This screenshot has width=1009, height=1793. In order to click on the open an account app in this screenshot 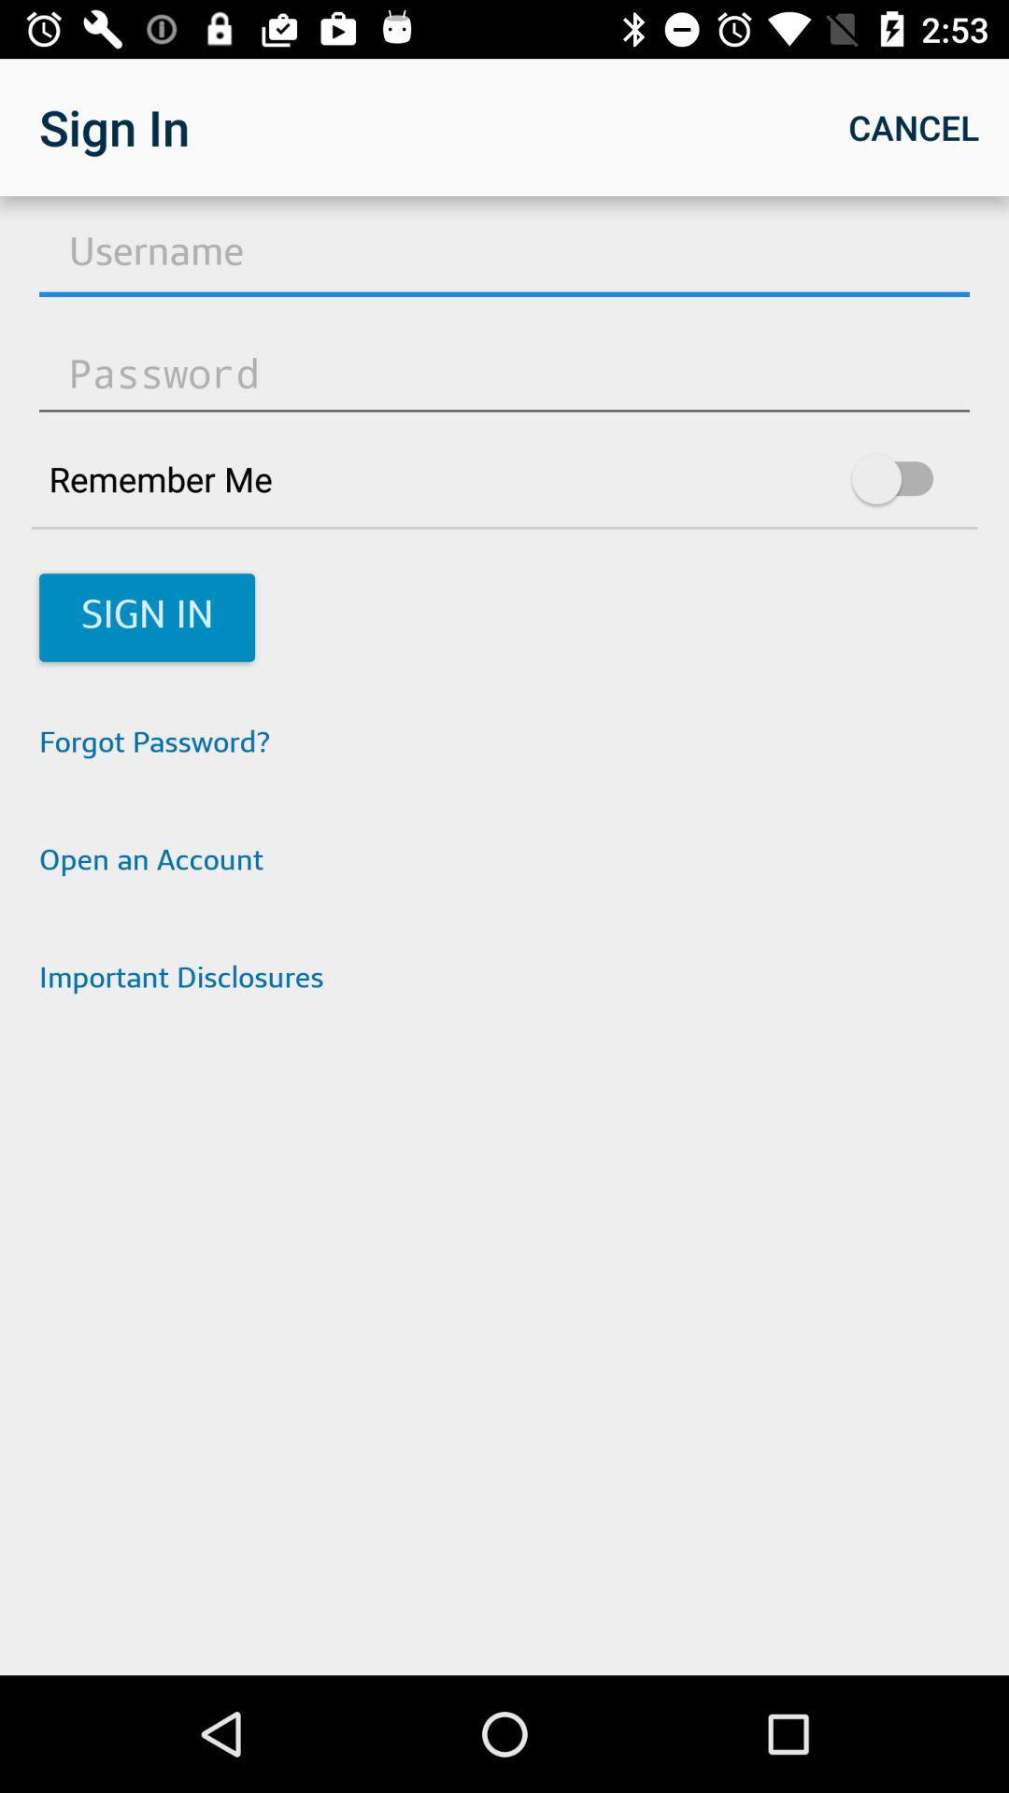, I will do `click(504, 862)`.